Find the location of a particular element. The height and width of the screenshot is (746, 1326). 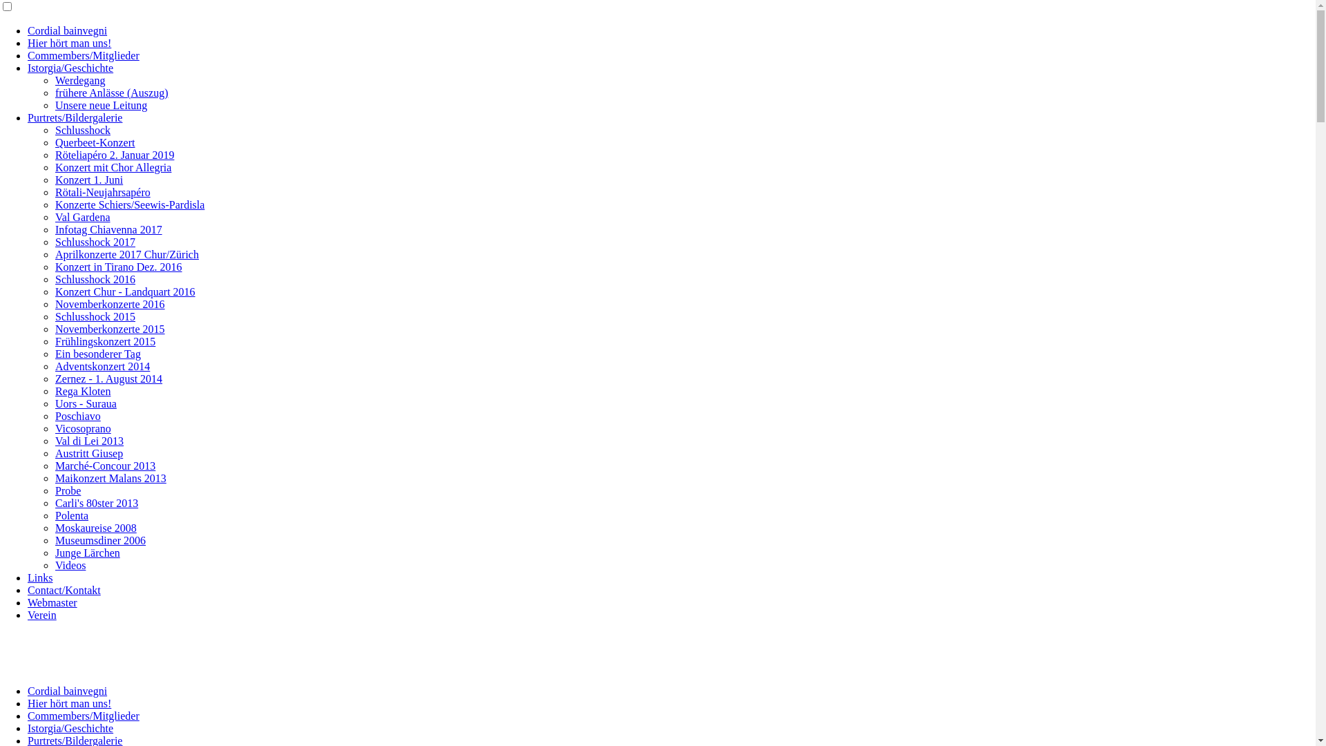

'Schlusshock' is located at coordinates (82, 130).